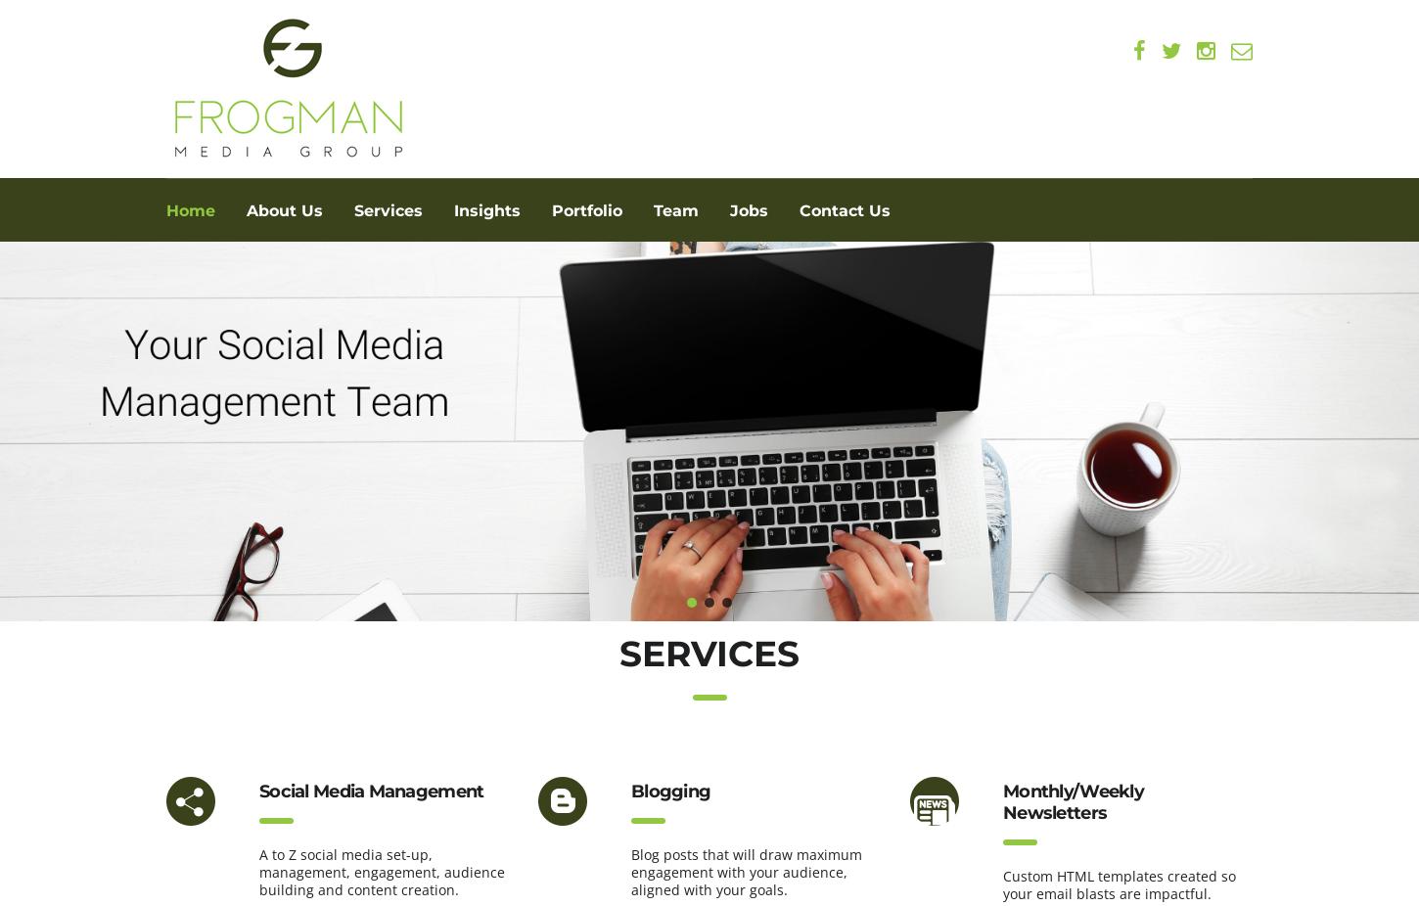 This screenshot has width=1419, height=906. I want to click on 'A to Z social media set-up, management, engagement, audience building and content creation.', so click(381, 872).